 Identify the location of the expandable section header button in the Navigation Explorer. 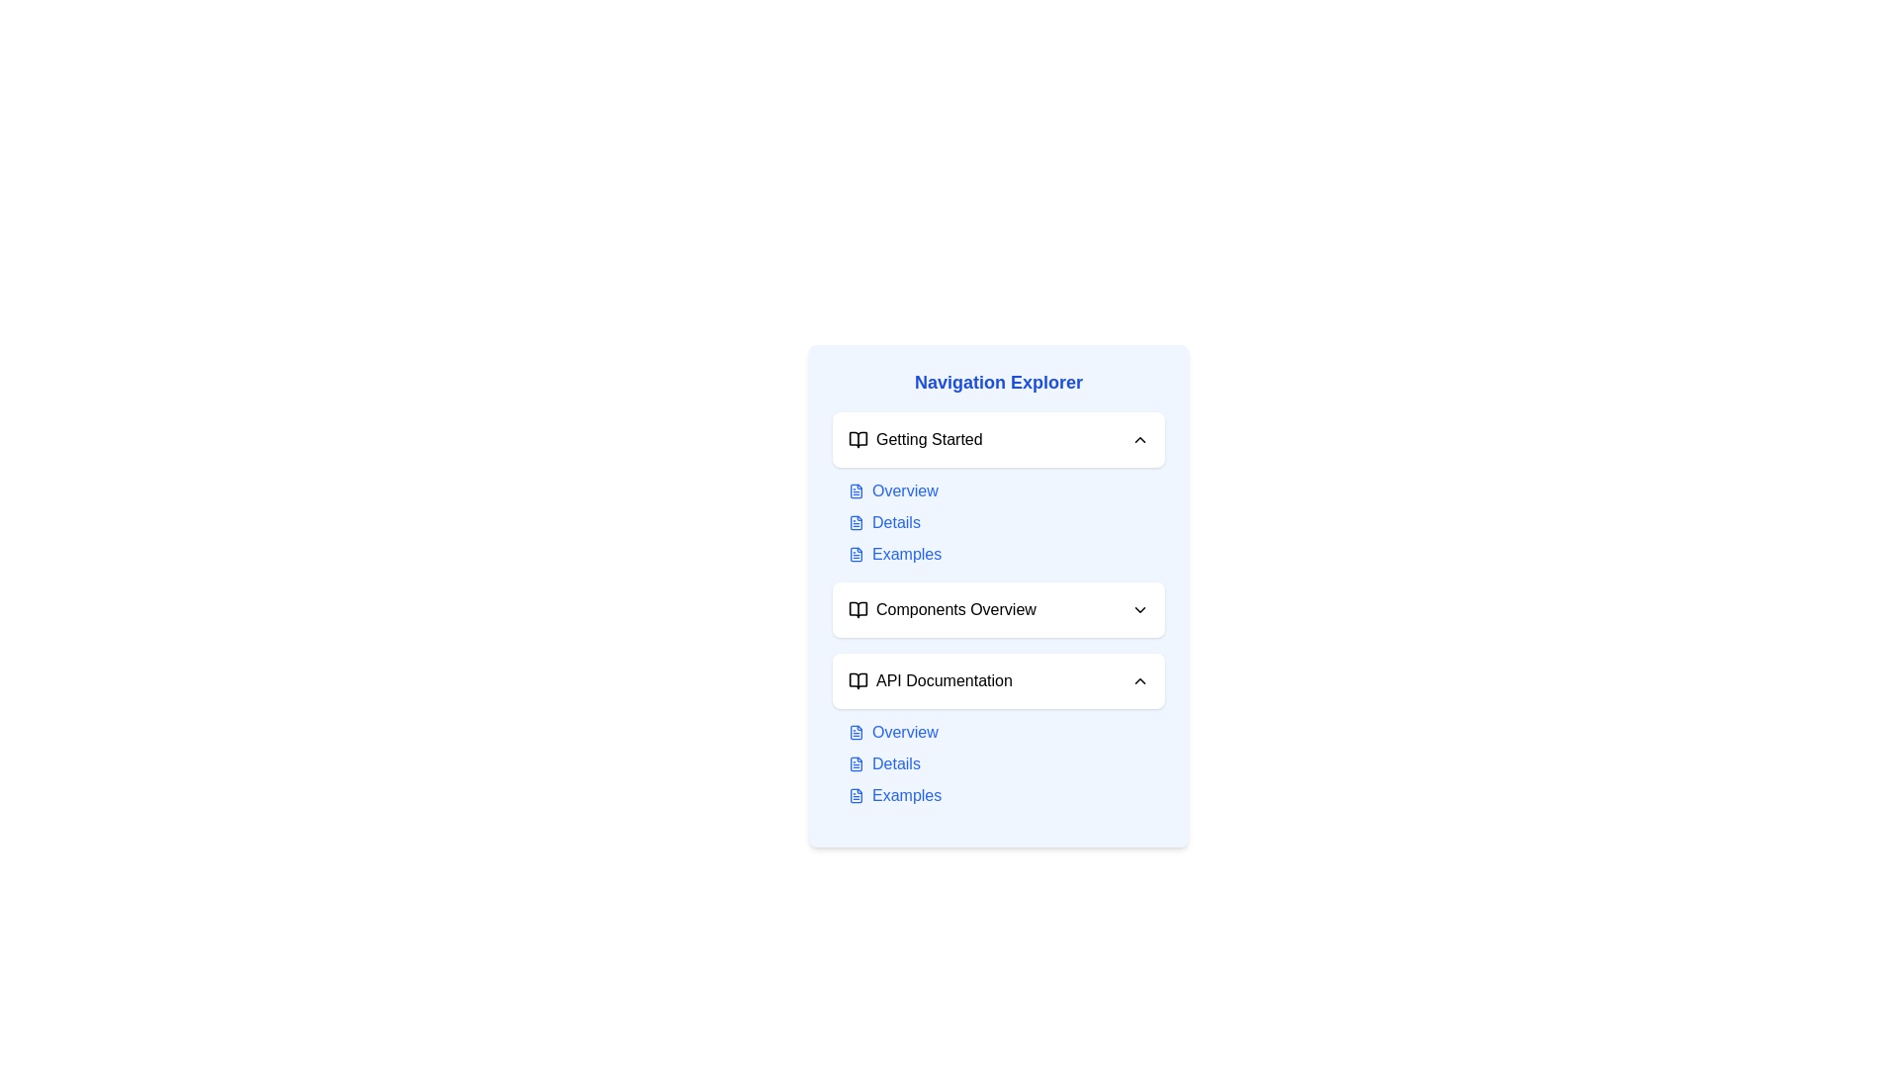
(998, 609).